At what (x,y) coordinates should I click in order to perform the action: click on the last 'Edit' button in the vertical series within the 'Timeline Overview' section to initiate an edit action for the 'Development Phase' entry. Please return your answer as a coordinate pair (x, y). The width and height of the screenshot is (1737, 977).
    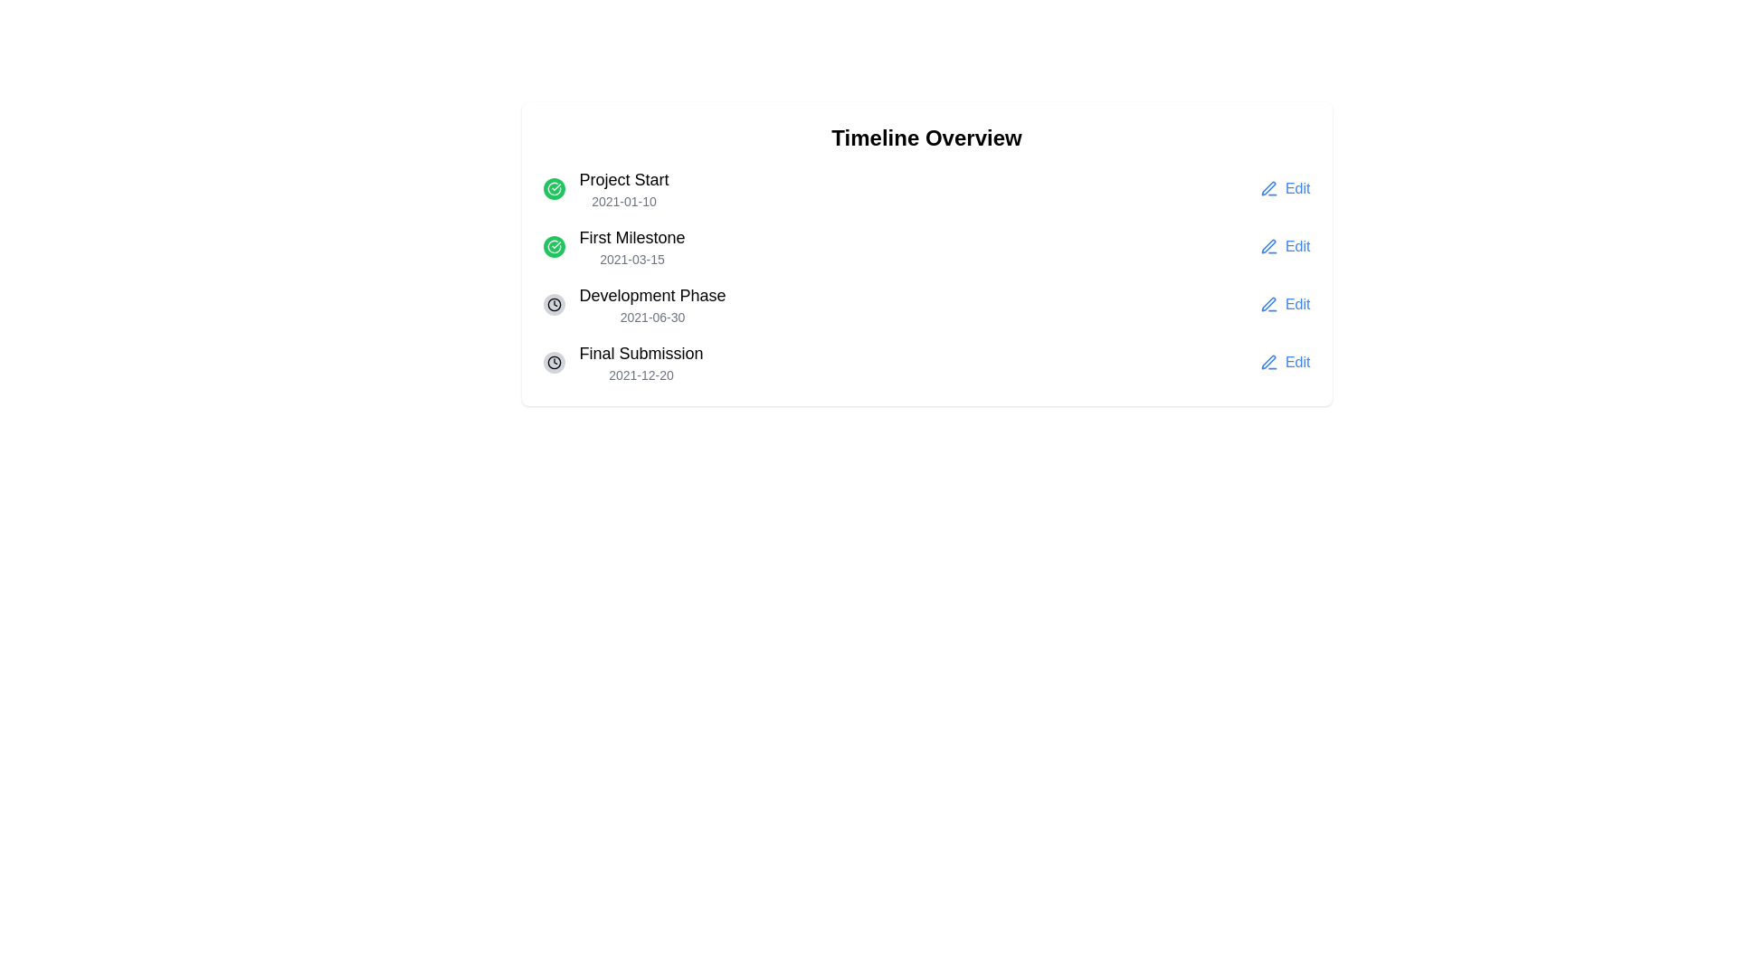
    Looking at the image, I should click on (1284, 303).